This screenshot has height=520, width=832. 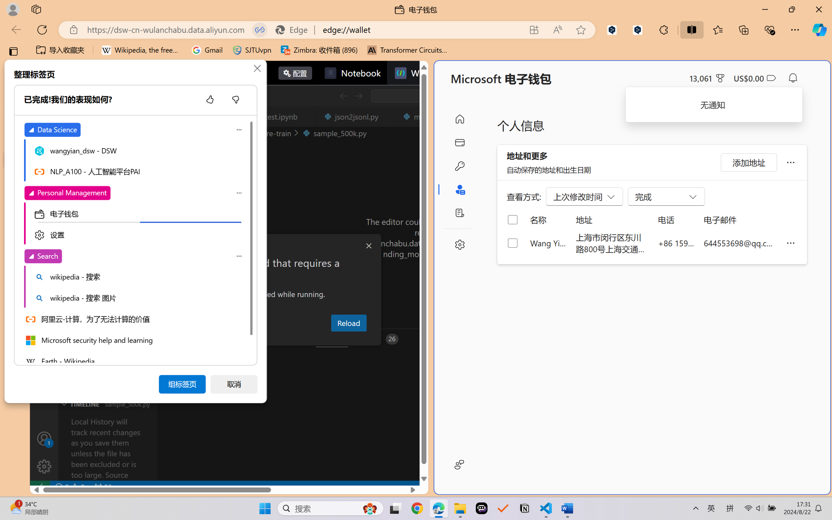 I want to click on 'Notebook', so click(x=352, y=73).